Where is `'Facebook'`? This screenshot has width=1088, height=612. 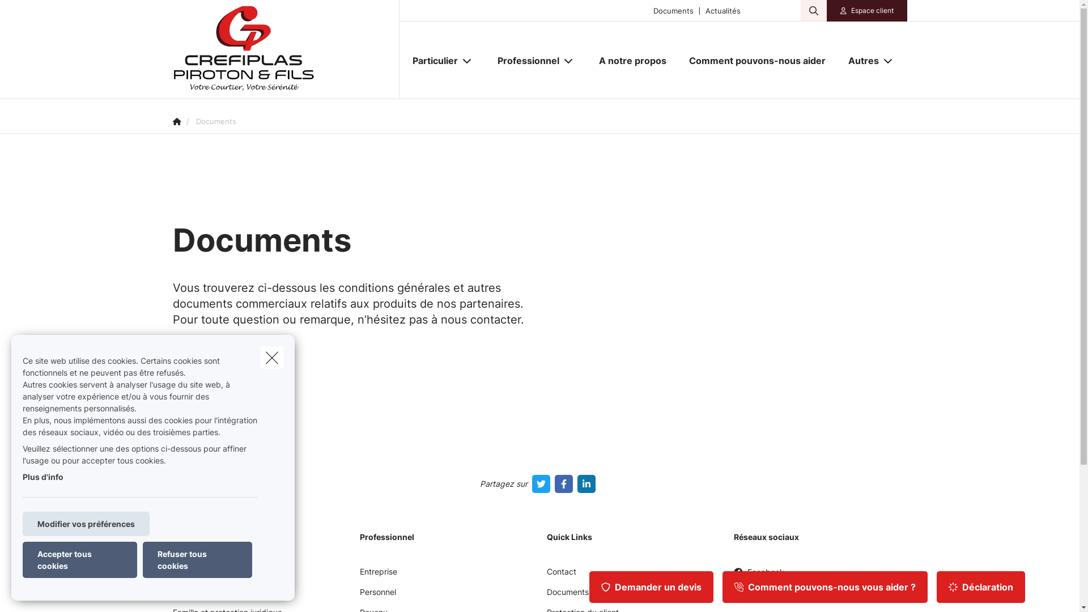
'Facebook' is located at coordinates (733, 576).